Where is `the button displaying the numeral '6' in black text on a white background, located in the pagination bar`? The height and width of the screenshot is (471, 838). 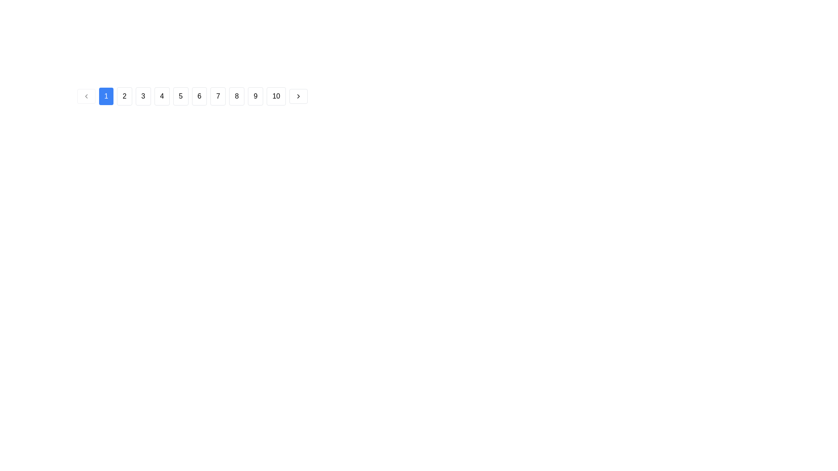 the button displaying the numeral '6' in black text on a white background, located in the pagination bar is located at coordinates (199, 96).